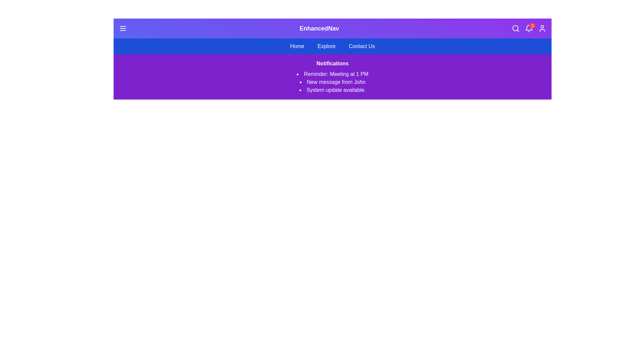  What do you see at coordinates (297, 46) in the screenshot?
I see `the 'Home' button in the navigation bar` at bounding box center [297, 46].